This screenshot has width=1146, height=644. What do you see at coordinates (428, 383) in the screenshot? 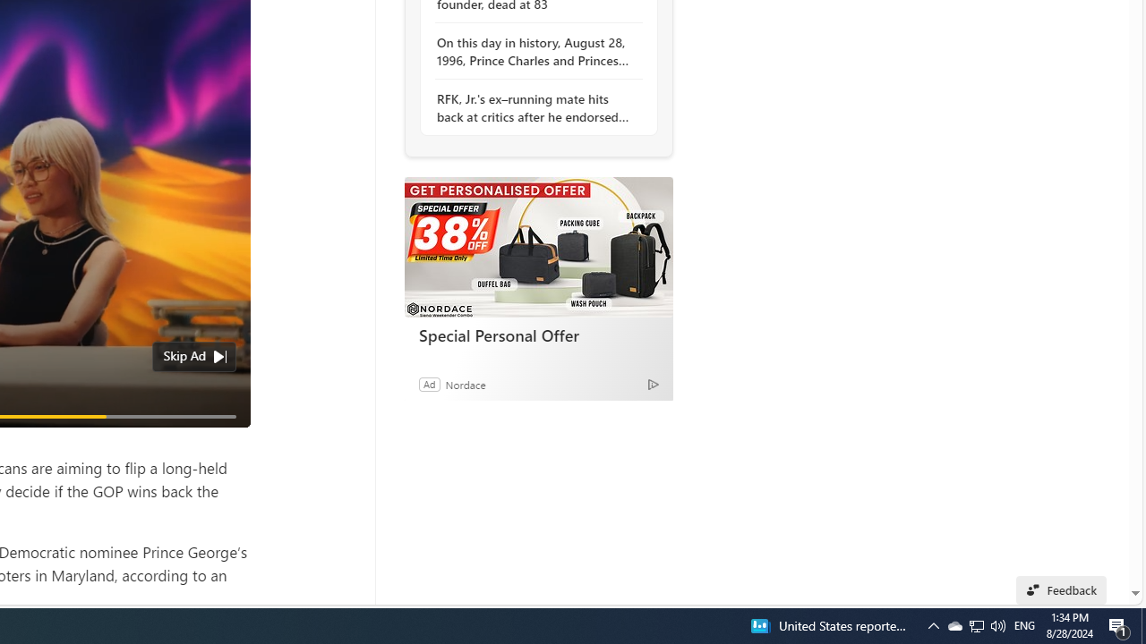
I see `'Ad'` at bounding box center [428, 383].